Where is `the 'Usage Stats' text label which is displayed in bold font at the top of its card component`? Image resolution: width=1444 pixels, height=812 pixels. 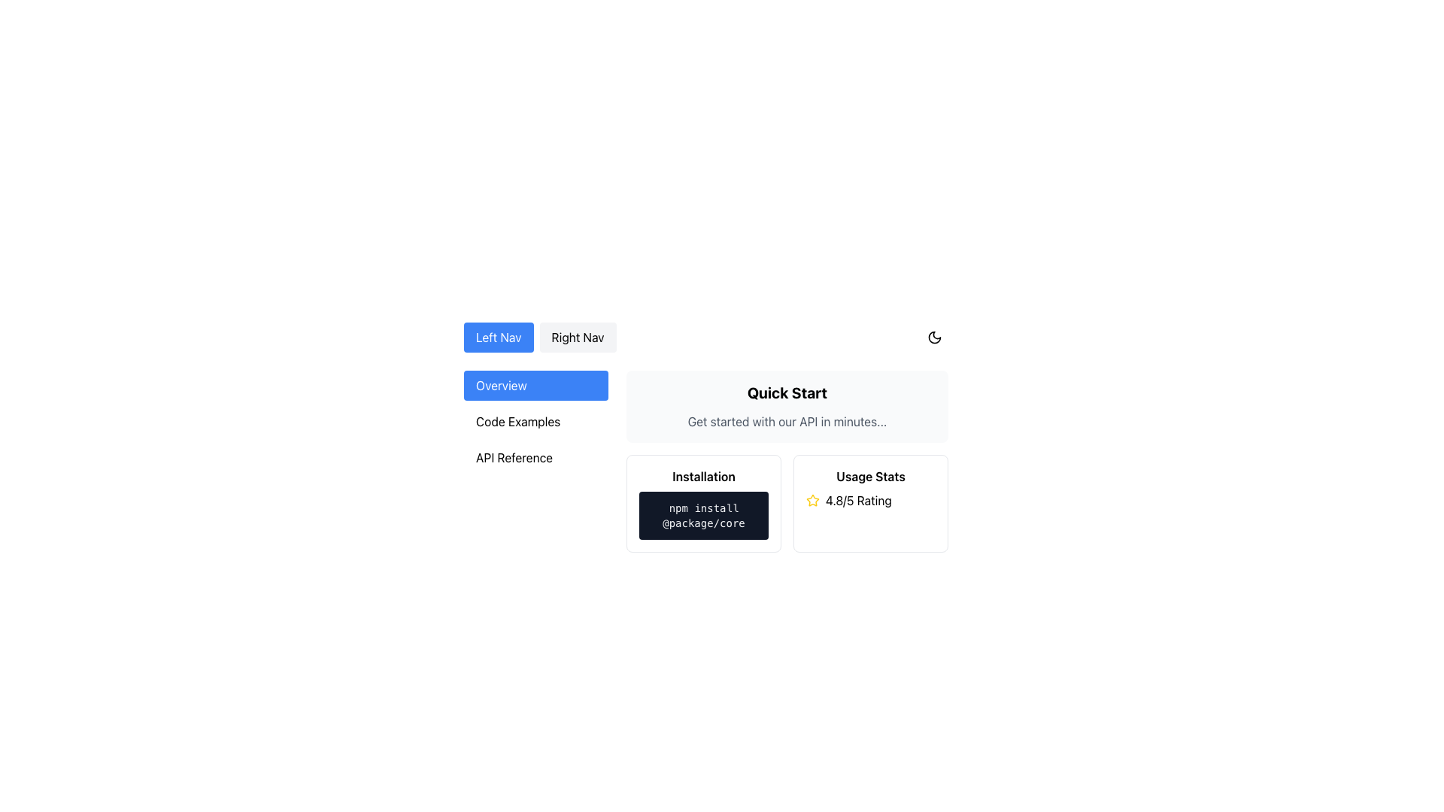
the 'Usage Stats' text label which is displayed in bold font at the top of its card component is located at coordinates (870, 476).